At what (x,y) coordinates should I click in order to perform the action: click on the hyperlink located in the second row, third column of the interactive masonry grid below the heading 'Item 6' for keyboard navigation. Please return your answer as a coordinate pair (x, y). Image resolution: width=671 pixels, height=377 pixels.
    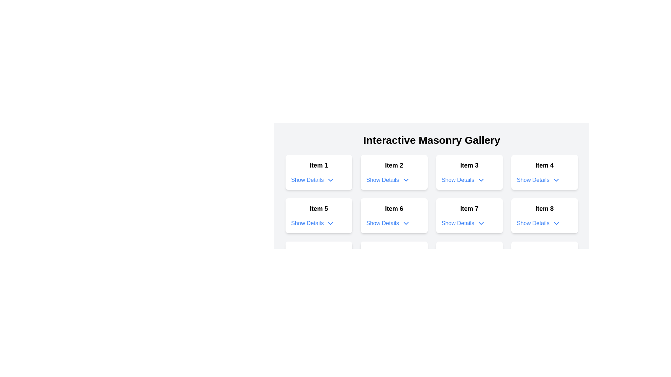
    Looking at the image, I should click on (388, 223).